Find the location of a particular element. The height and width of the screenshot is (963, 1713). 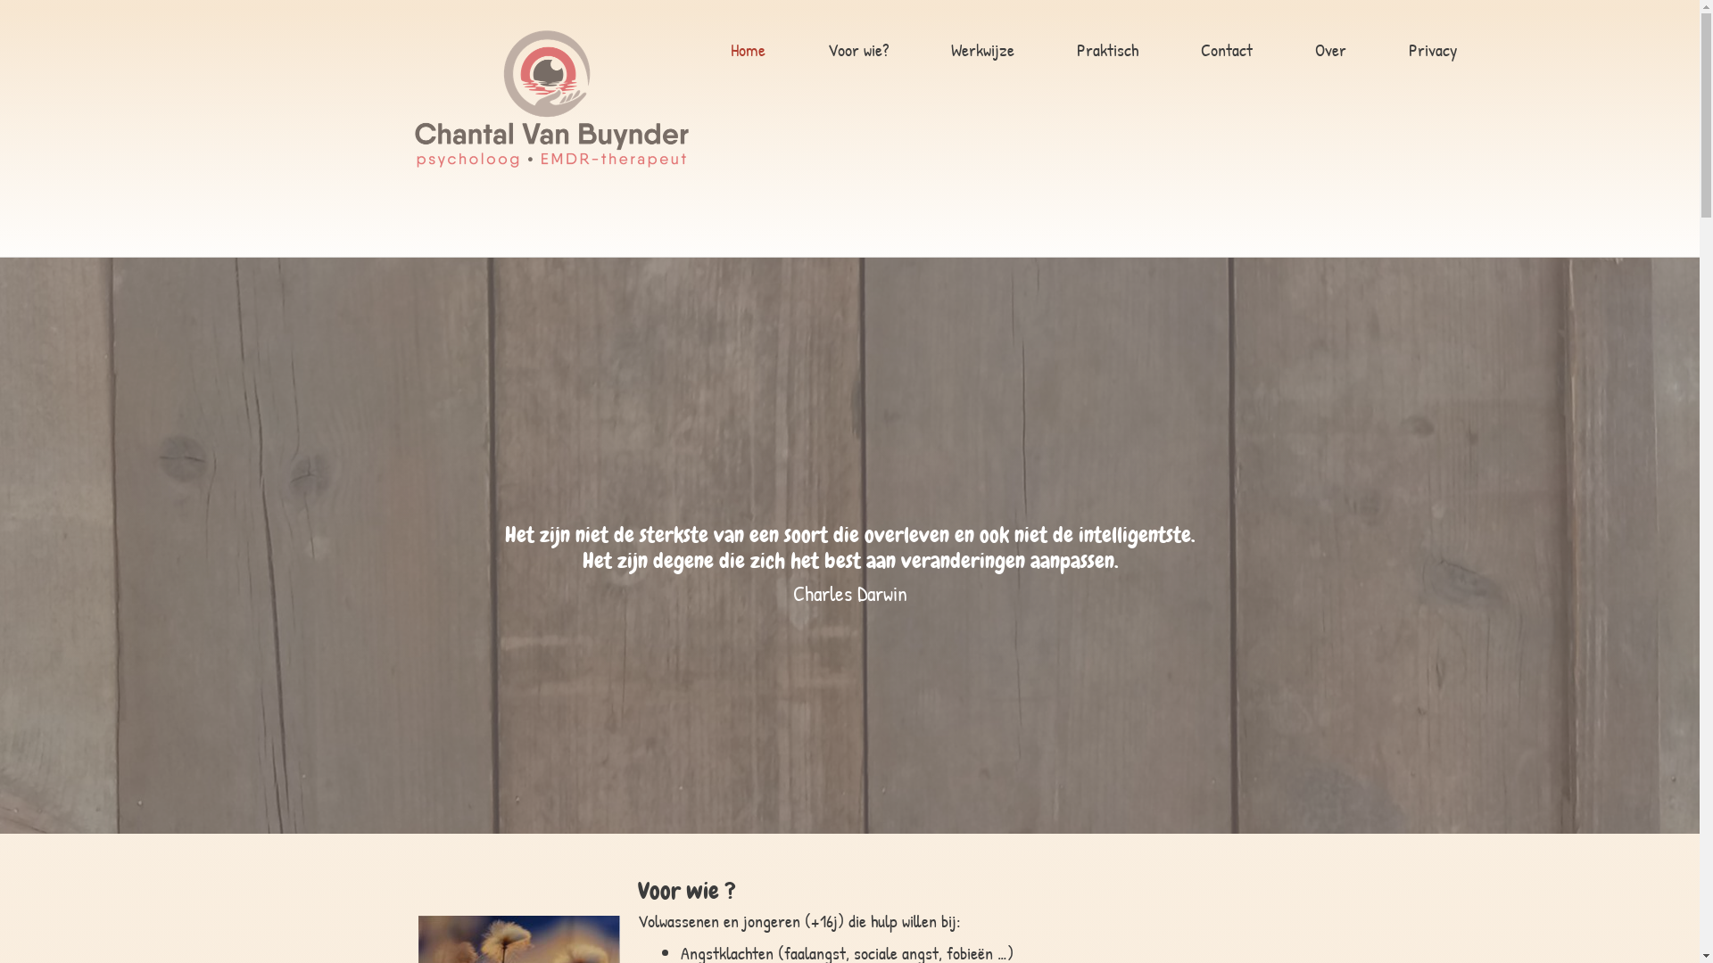

'Home' is located at coordinates (748, 50).